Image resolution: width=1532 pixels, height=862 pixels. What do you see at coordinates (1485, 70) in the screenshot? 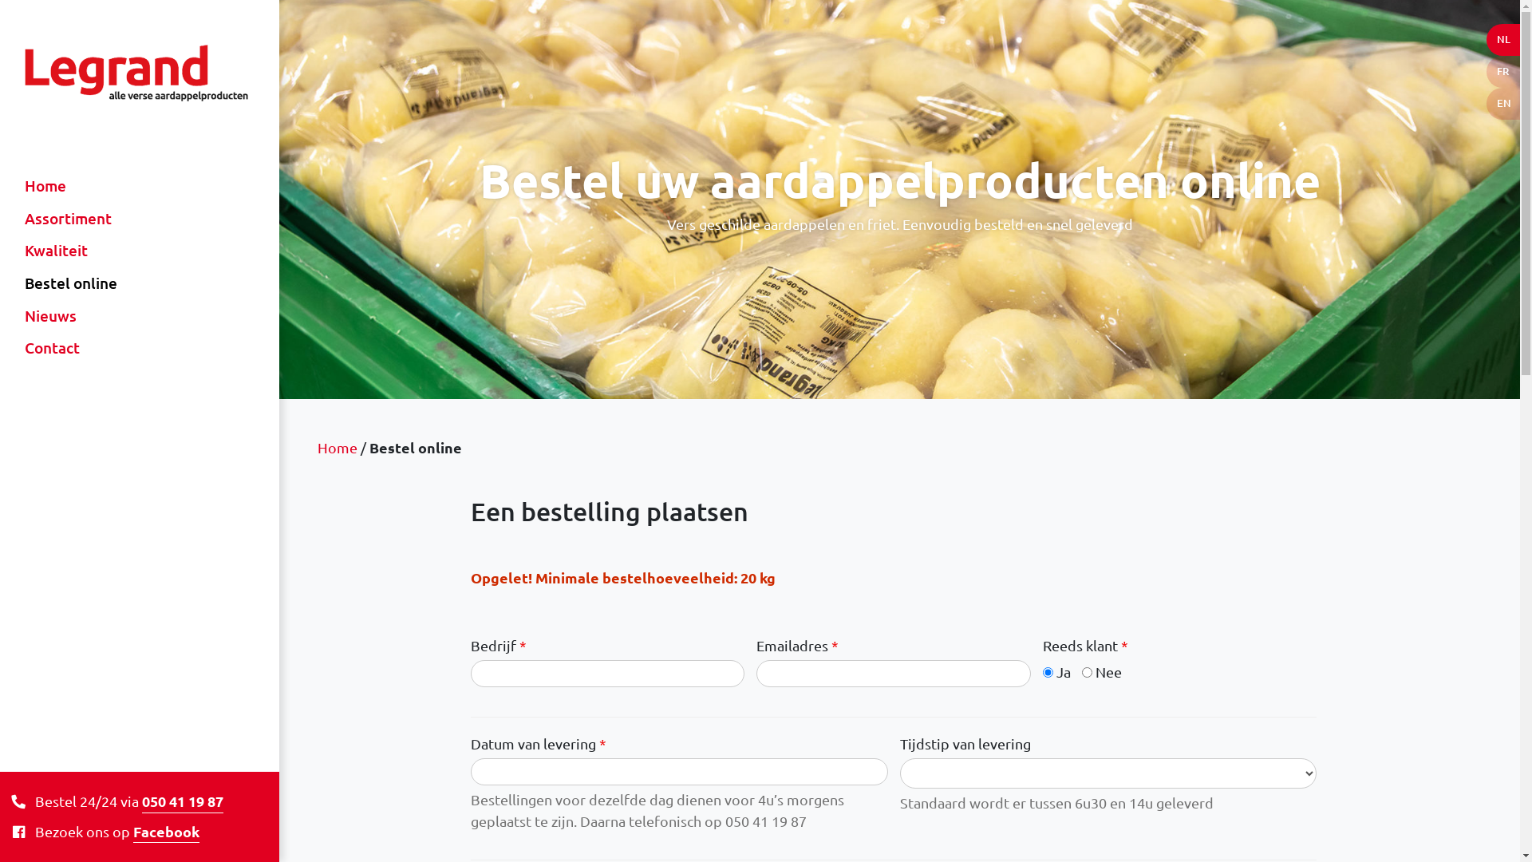
I see `'FR'` at bounding box center [1485, 70].